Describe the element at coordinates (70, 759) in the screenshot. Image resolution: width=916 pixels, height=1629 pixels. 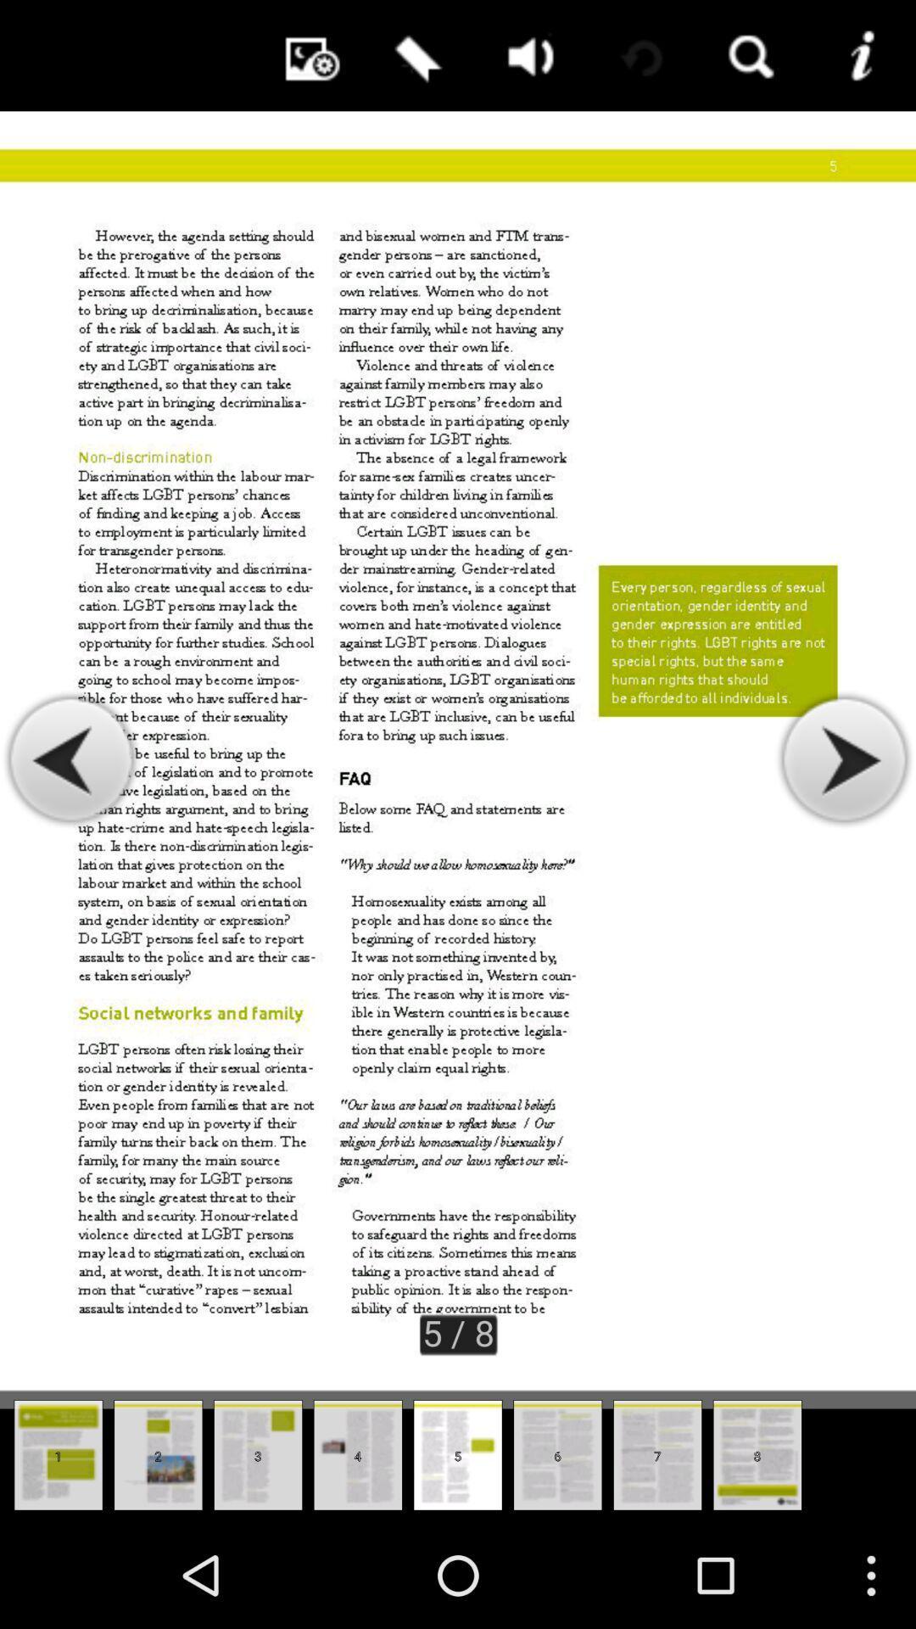
I see `scroll left` at that location.